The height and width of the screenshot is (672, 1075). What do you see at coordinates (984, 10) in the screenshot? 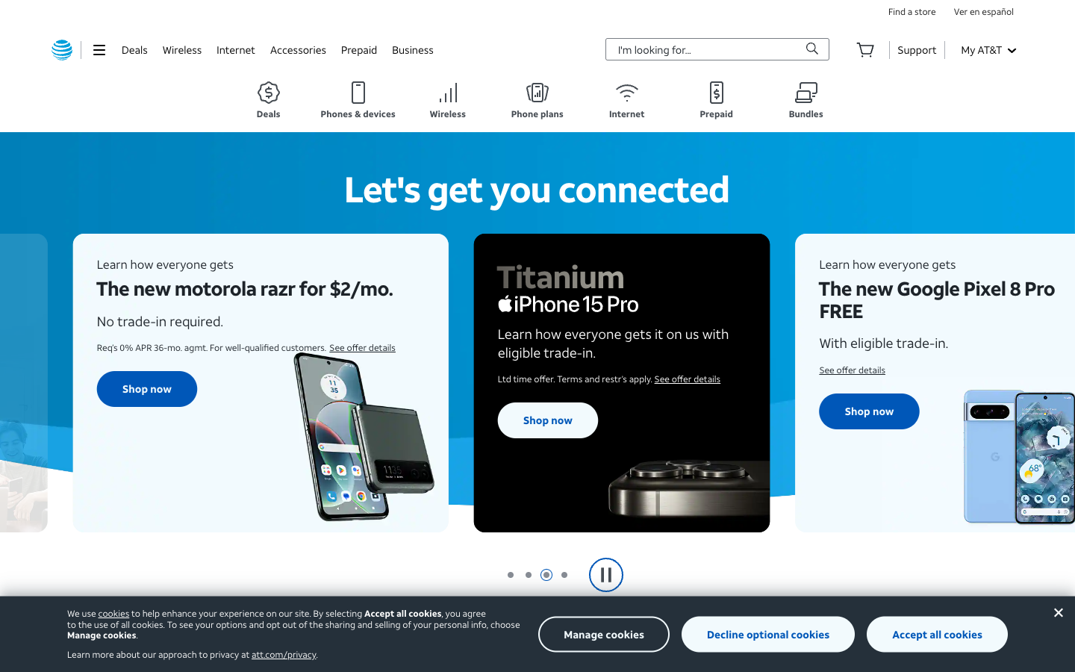
I see `Activate Spanish language setting` at bounding box center [984, 10].